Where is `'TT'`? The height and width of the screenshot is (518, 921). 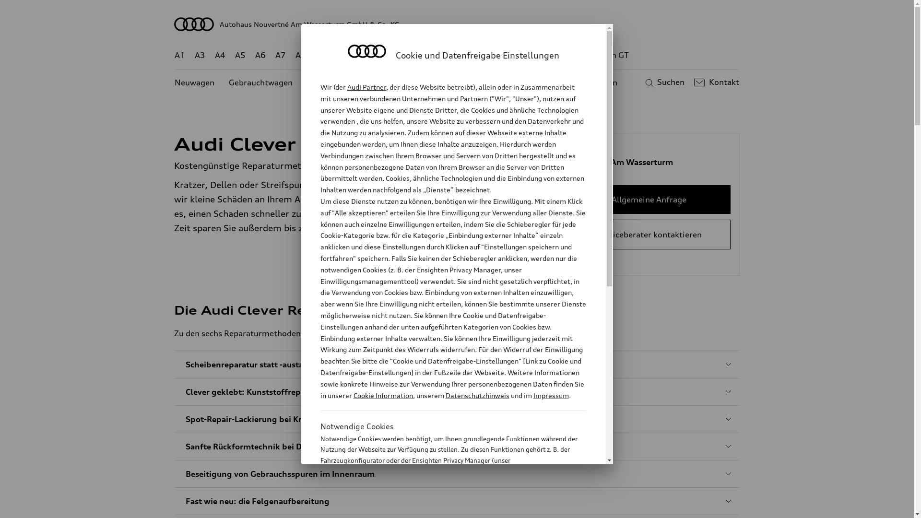
'TT' is located at coordinates (515, 55).